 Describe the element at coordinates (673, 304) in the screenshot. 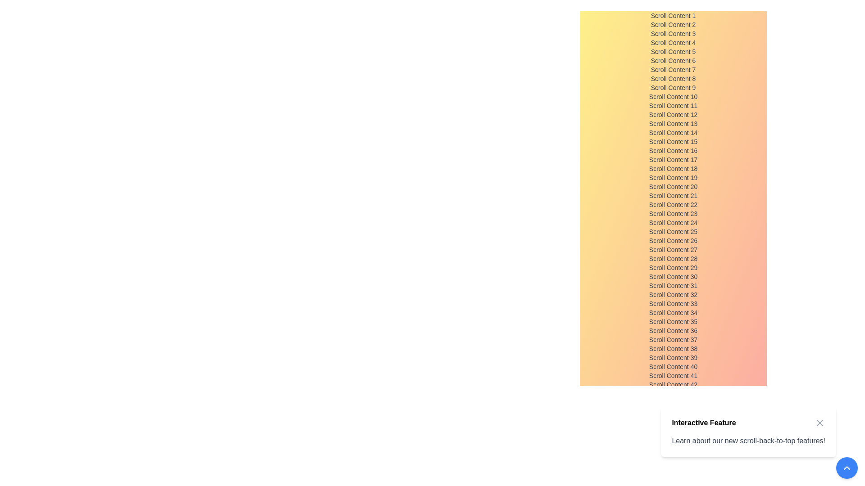

I see `the static text element displaying 'Scroll Content 33', which is styled in gray and located in the thirty-third position of the vertically scrolling list` at that location.